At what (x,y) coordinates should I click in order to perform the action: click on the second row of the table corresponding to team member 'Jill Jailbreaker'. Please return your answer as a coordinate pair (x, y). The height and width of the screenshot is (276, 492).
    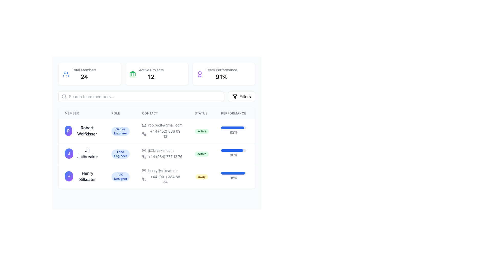
    Looking at the image, I should click on (156, 148).